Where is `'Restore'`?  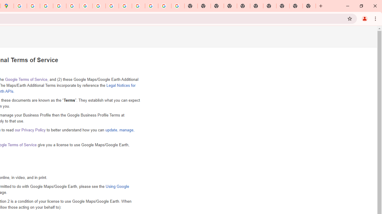 'Restore' is located at coordinates (361, 6).